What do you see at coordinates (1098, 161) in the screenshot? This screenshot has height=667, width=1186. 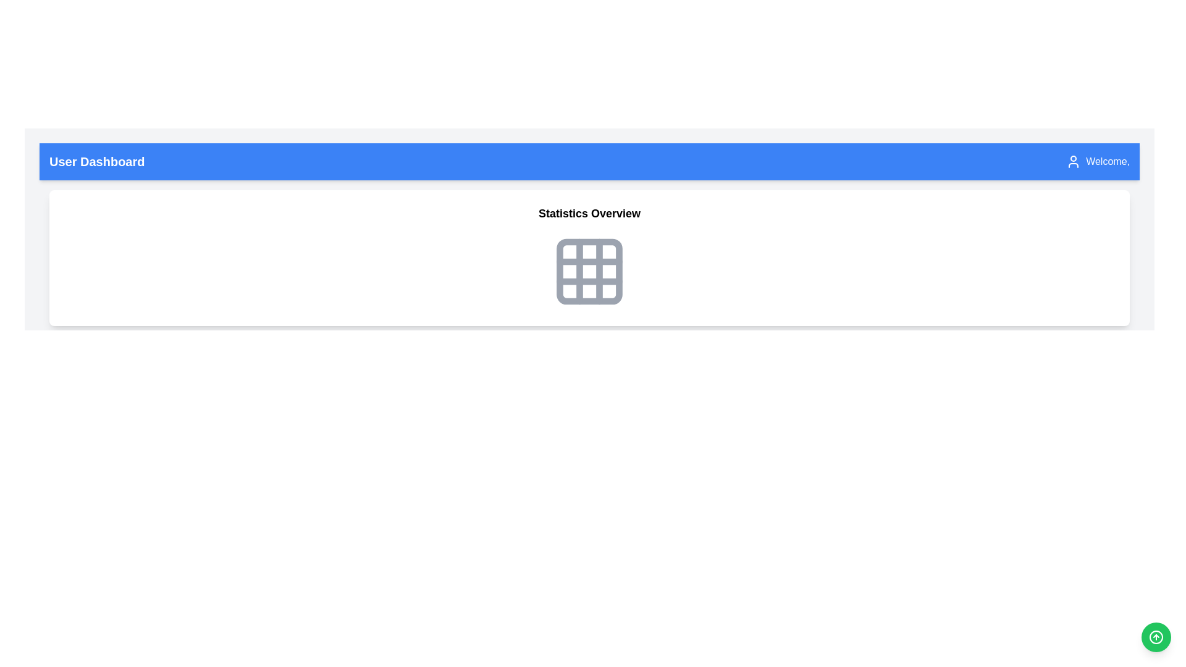 I see `the greeting message Text Label located on the right side of the blue top bar, adjacent to the 'User Dashboard' text and a graphical user icon` at bounding box center [1098, 161].